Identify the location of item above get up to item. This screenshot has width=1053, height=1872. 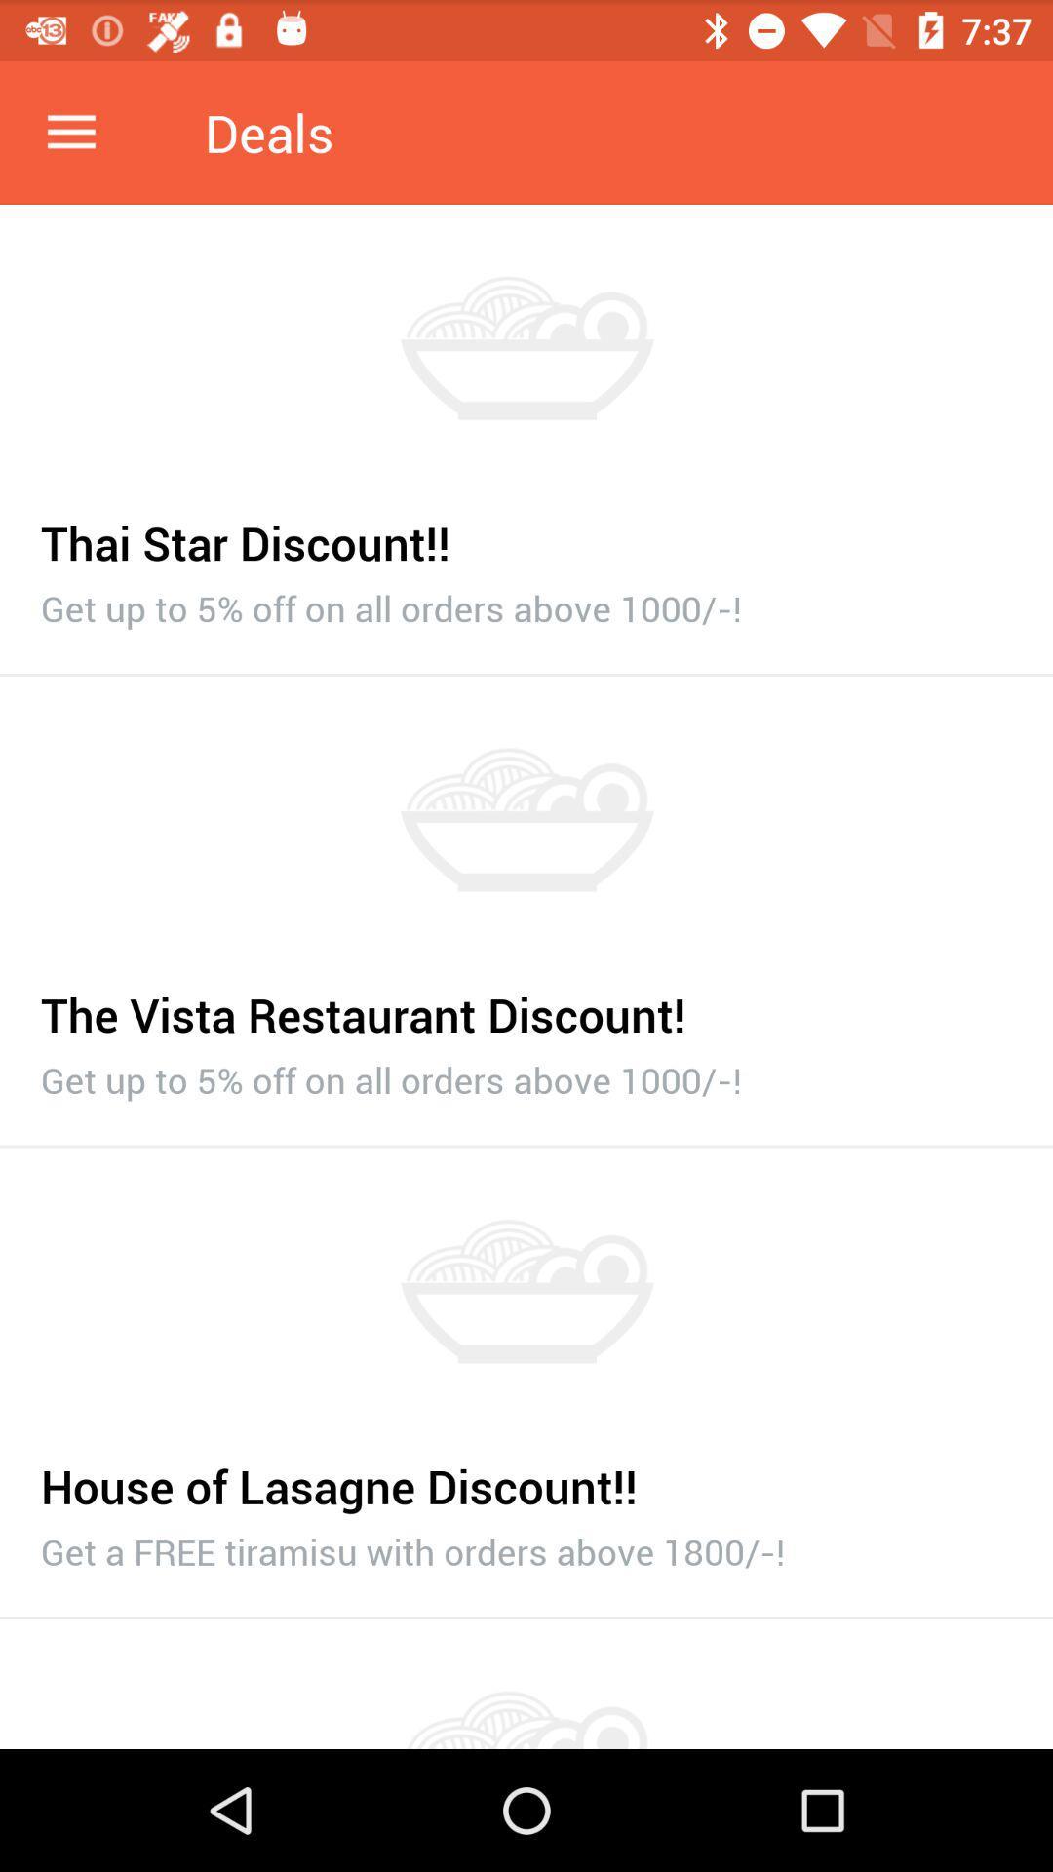
(526, 1004).